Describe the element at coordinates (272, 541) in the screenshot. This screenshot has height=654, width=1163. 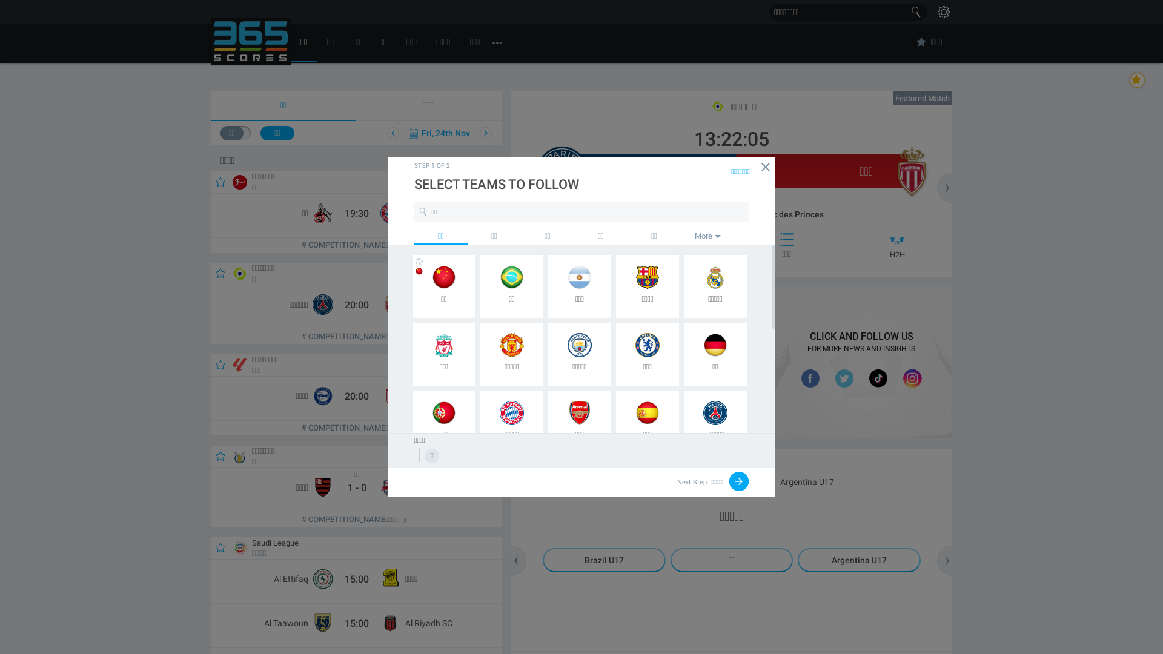
I see `'Saudi League'` at that location.